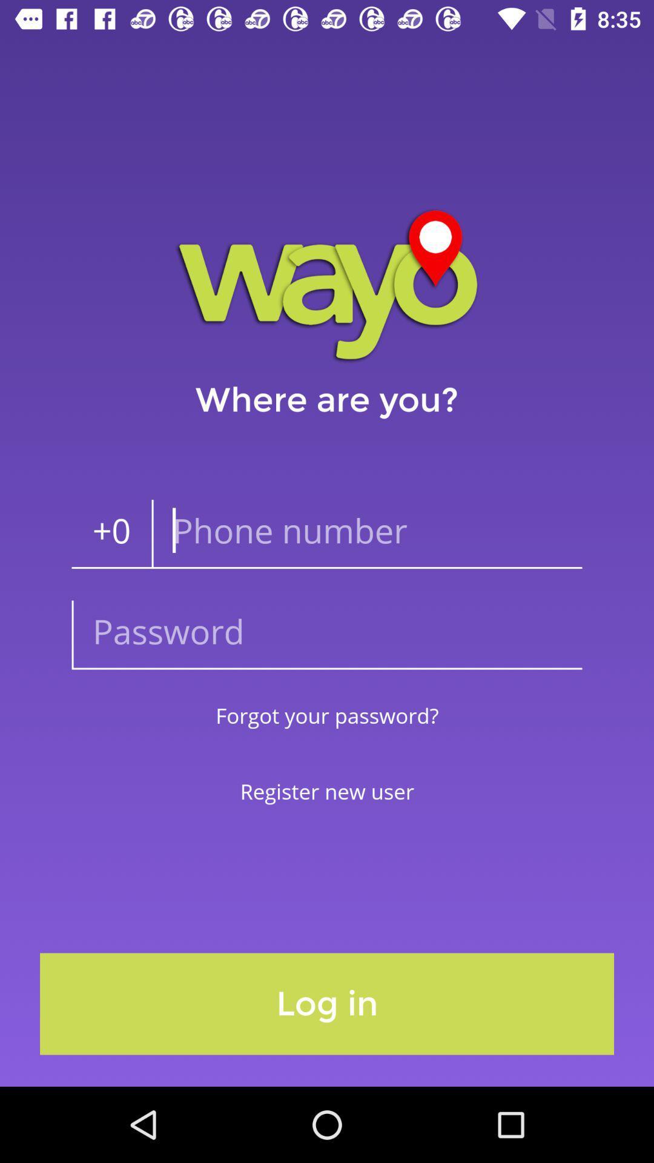 Image resolution: width=654 pixels, height=1163 pixels. I want to click on the icon above register new user item, so click(327, 715).